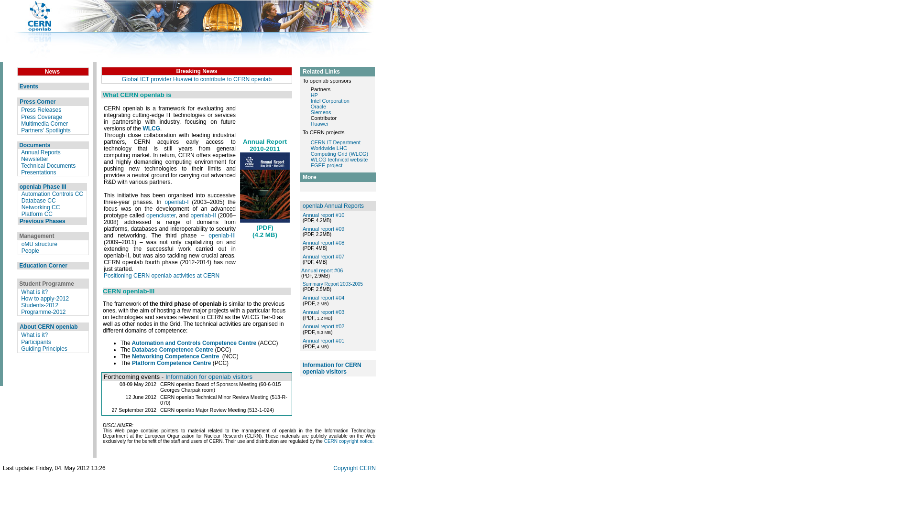 The image size is (918, 516). What do you see at coordinates (103, 276) in the screenshot?
I see `'Positioning CERN openlab activities at CERN'` at bounding box center [103, 276].